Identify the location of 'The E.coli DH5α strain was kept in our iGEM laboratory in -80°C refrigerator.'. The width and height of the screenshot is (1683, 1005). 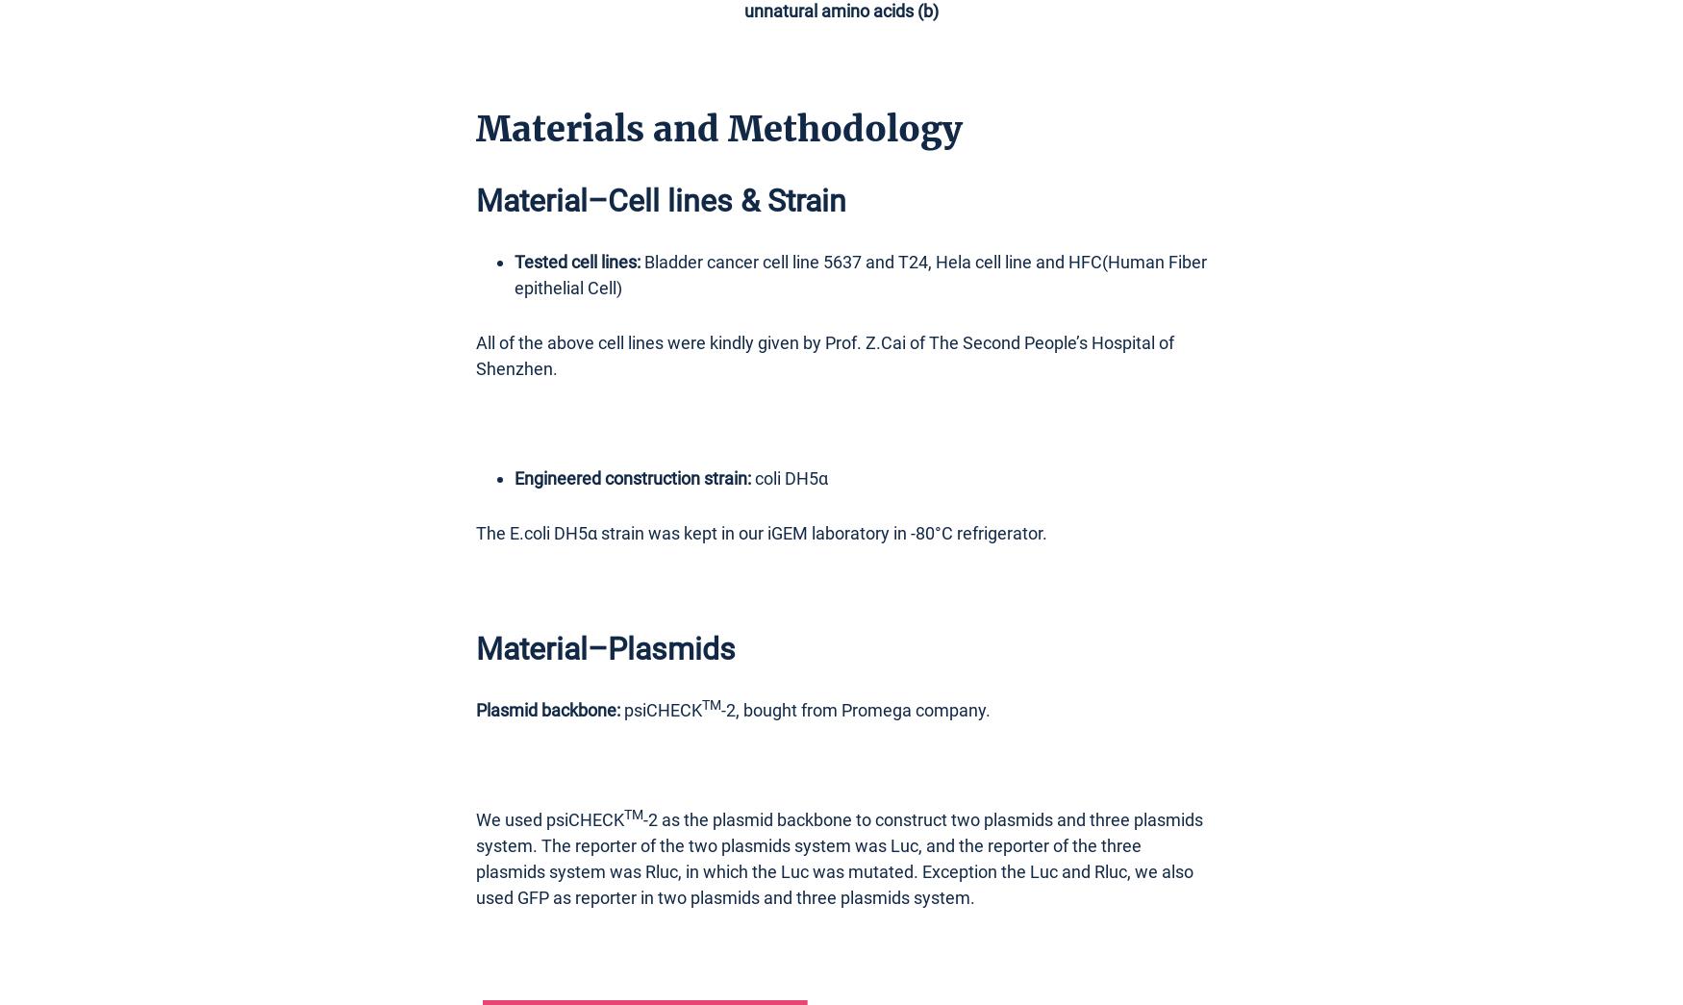
(761, 532).